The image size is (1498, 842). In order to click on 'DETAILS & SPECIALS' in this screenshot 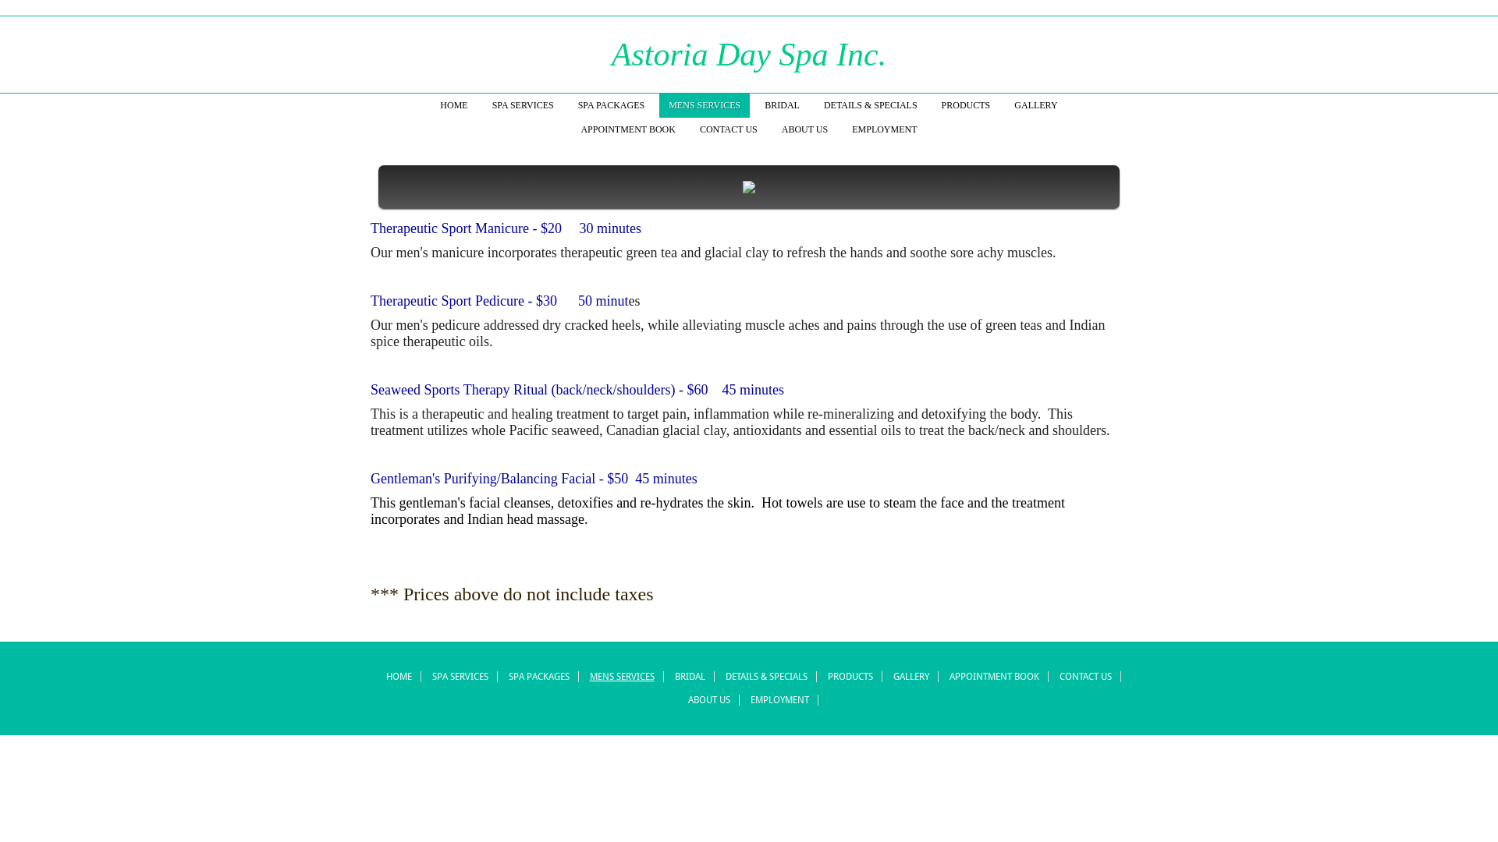, I will do `click(870, 105)`.